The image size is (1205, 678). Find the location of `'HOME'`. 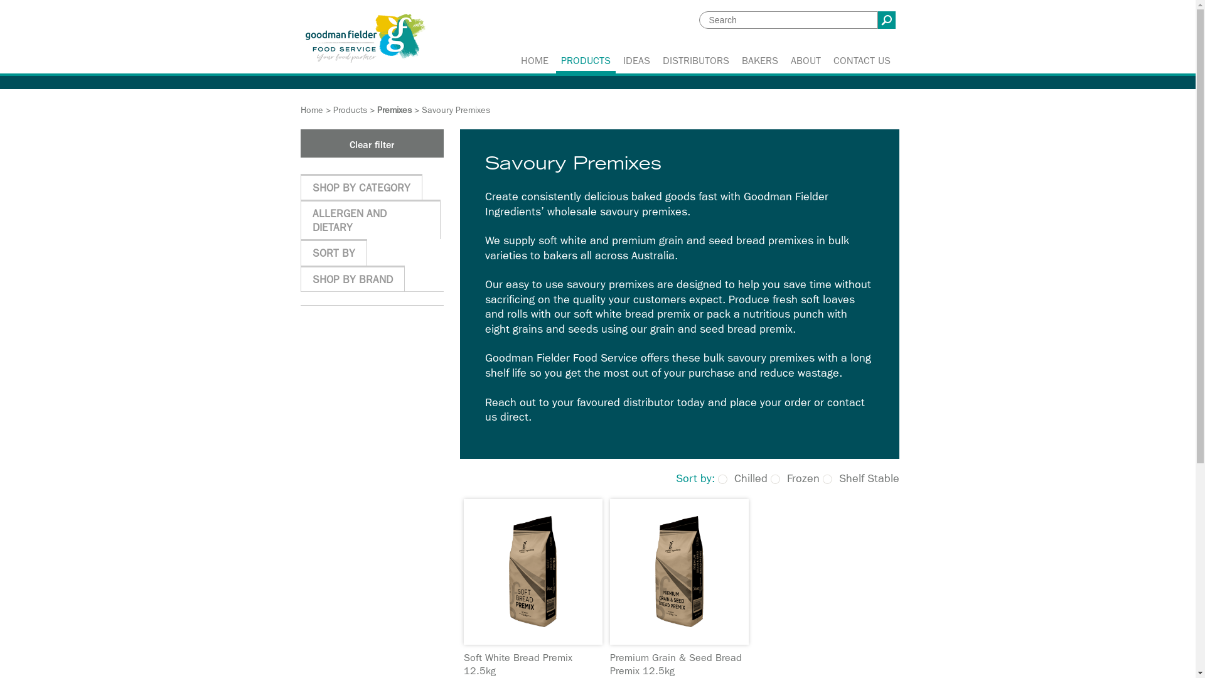

'HOME' is located at coordinates (534, 61).